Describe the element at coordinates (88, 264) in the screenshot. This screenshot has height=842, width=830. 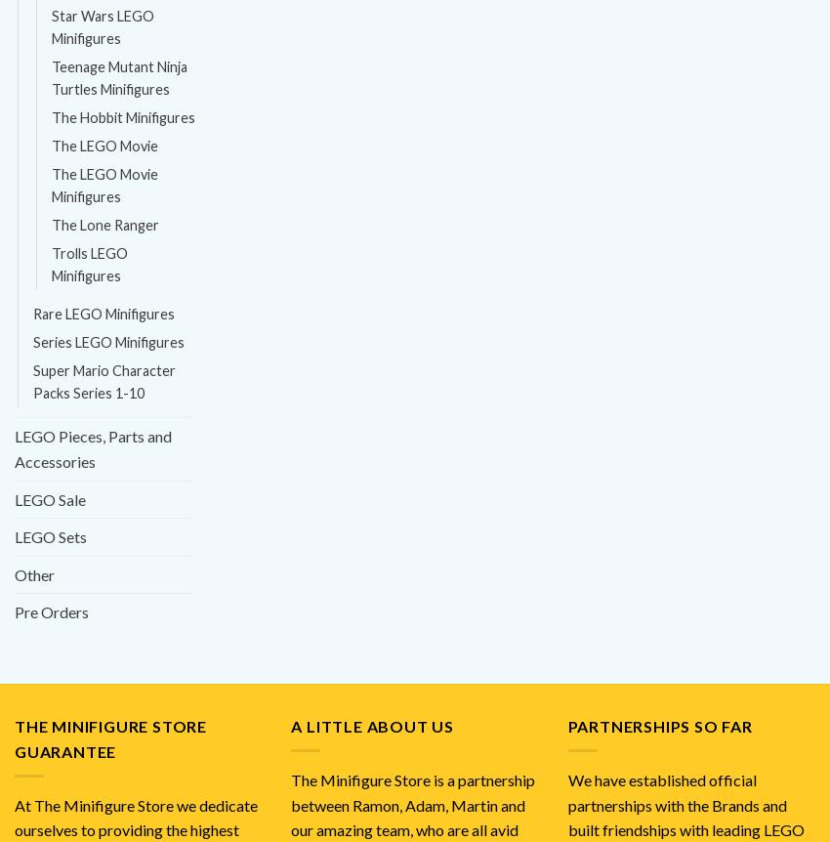
I see `'Trolls LEGO Minifigures'` at that location.